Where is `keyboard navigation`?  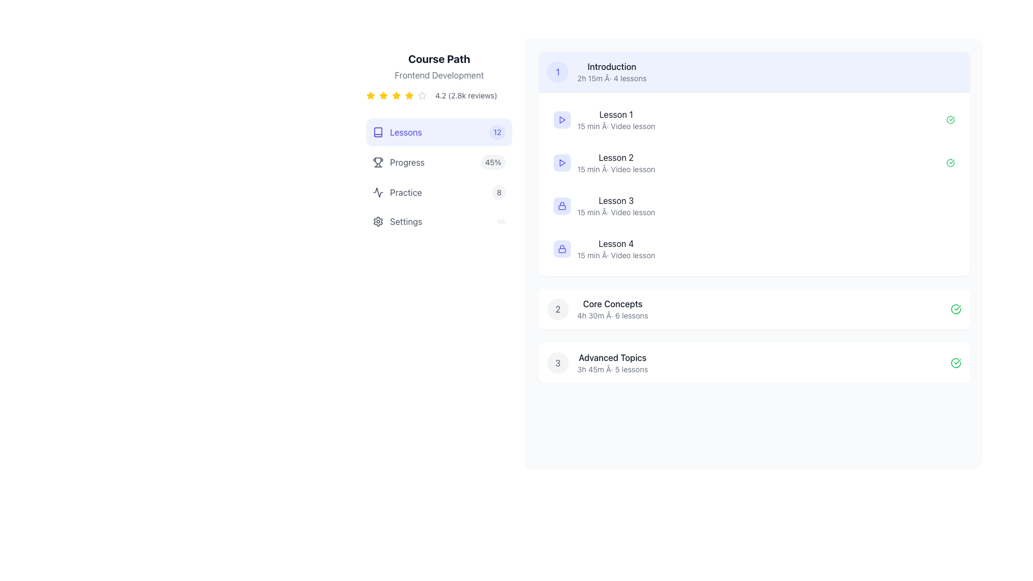 keyboard navigation is located at coordinates (384, 95).